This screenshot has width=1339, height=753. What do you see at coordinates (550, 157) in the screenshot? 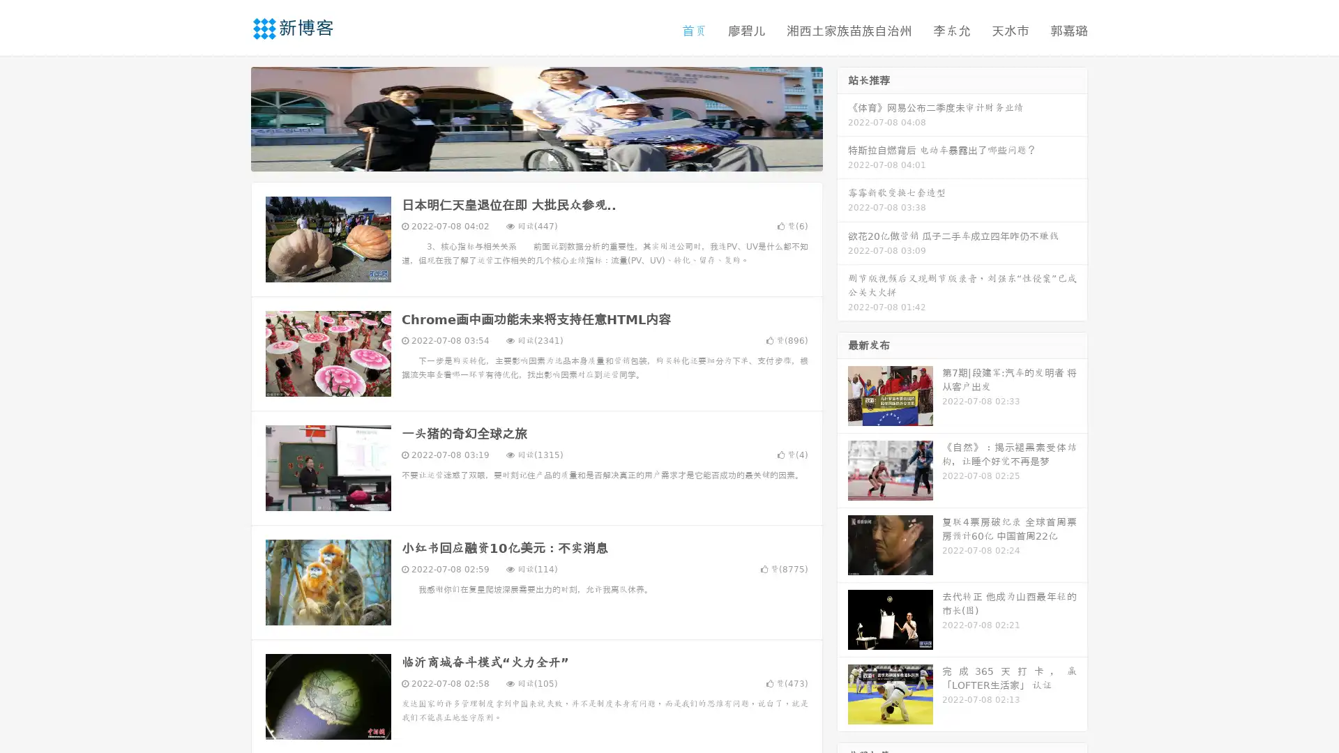
I see `Go to slide 3` at bounding box center [550, 157].